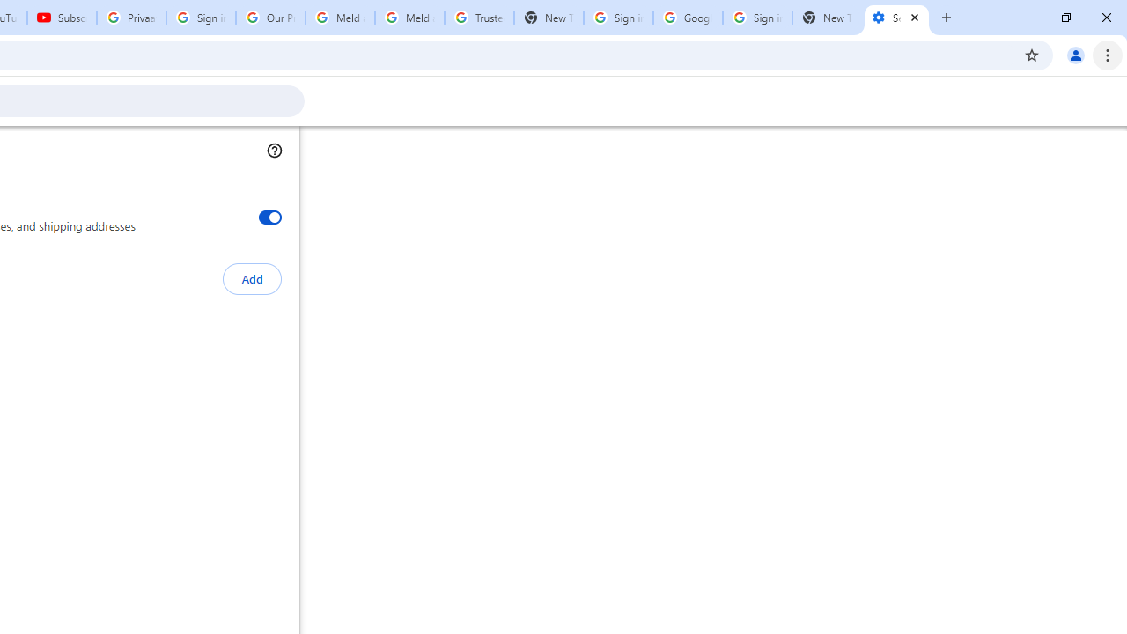 The width and height of the screenshot is (1127, 634). Describe the element at coordinates (687, 18) in the screenshot. I see `'Google Cybersecurity Innovations - Google Safety Center'` at that location.